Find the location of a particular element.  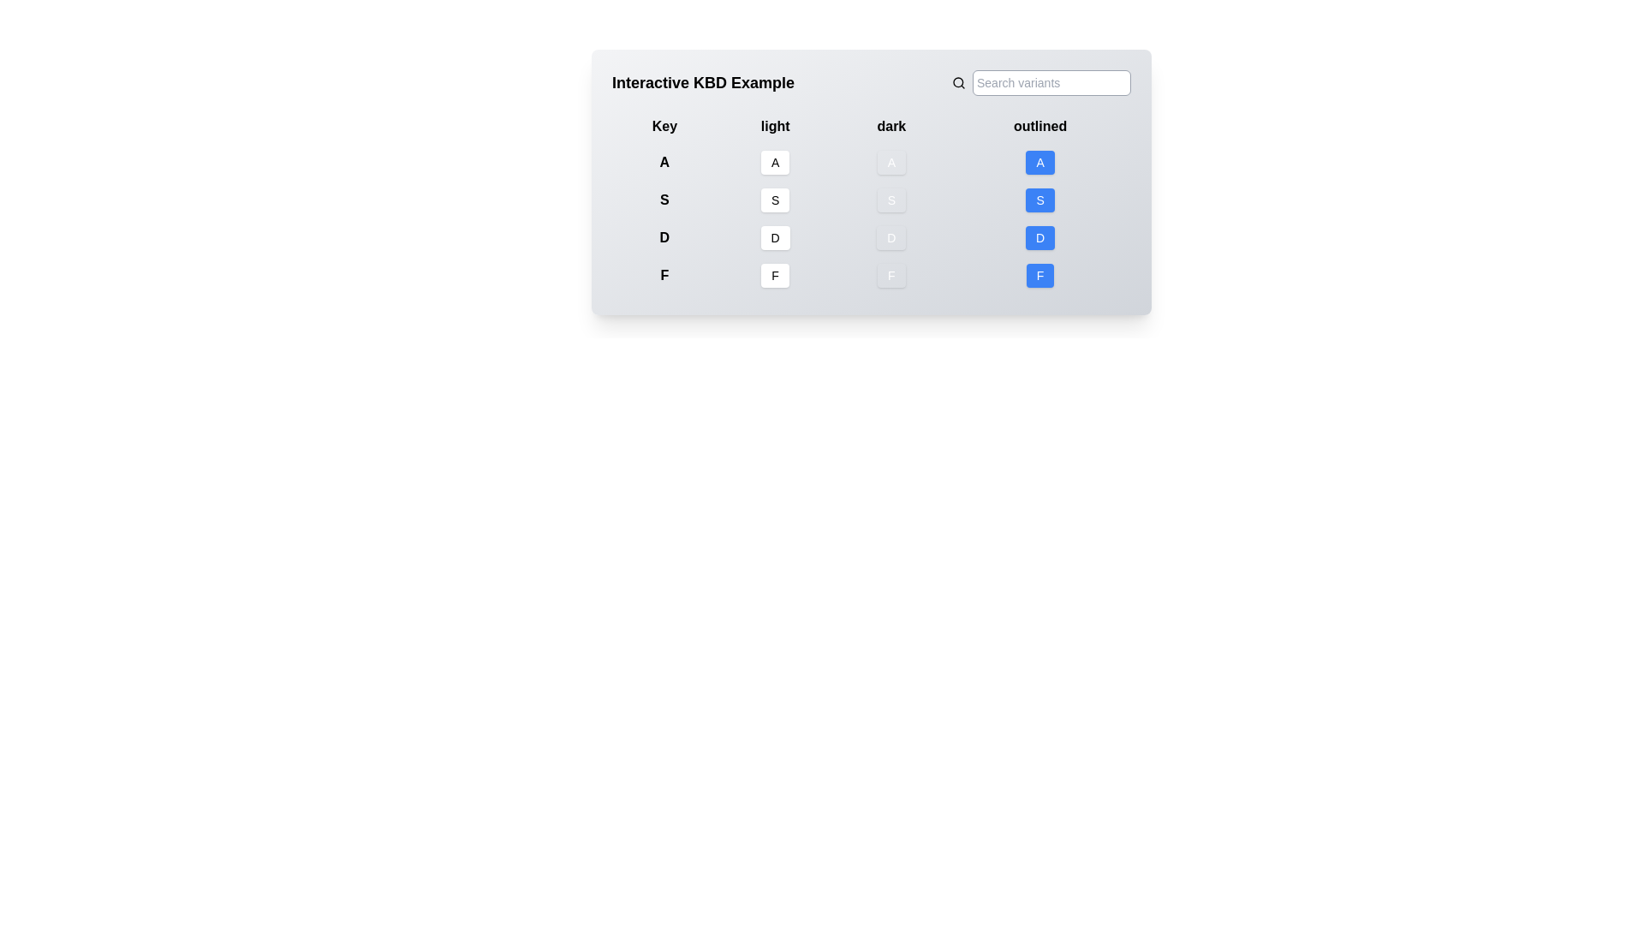

the rectangular button with rounded edges, gray background, and white 'S' centered within it, located in the 'dark' column of the 'Interactive KBD Example' interface is located at coordinates (890, 200).